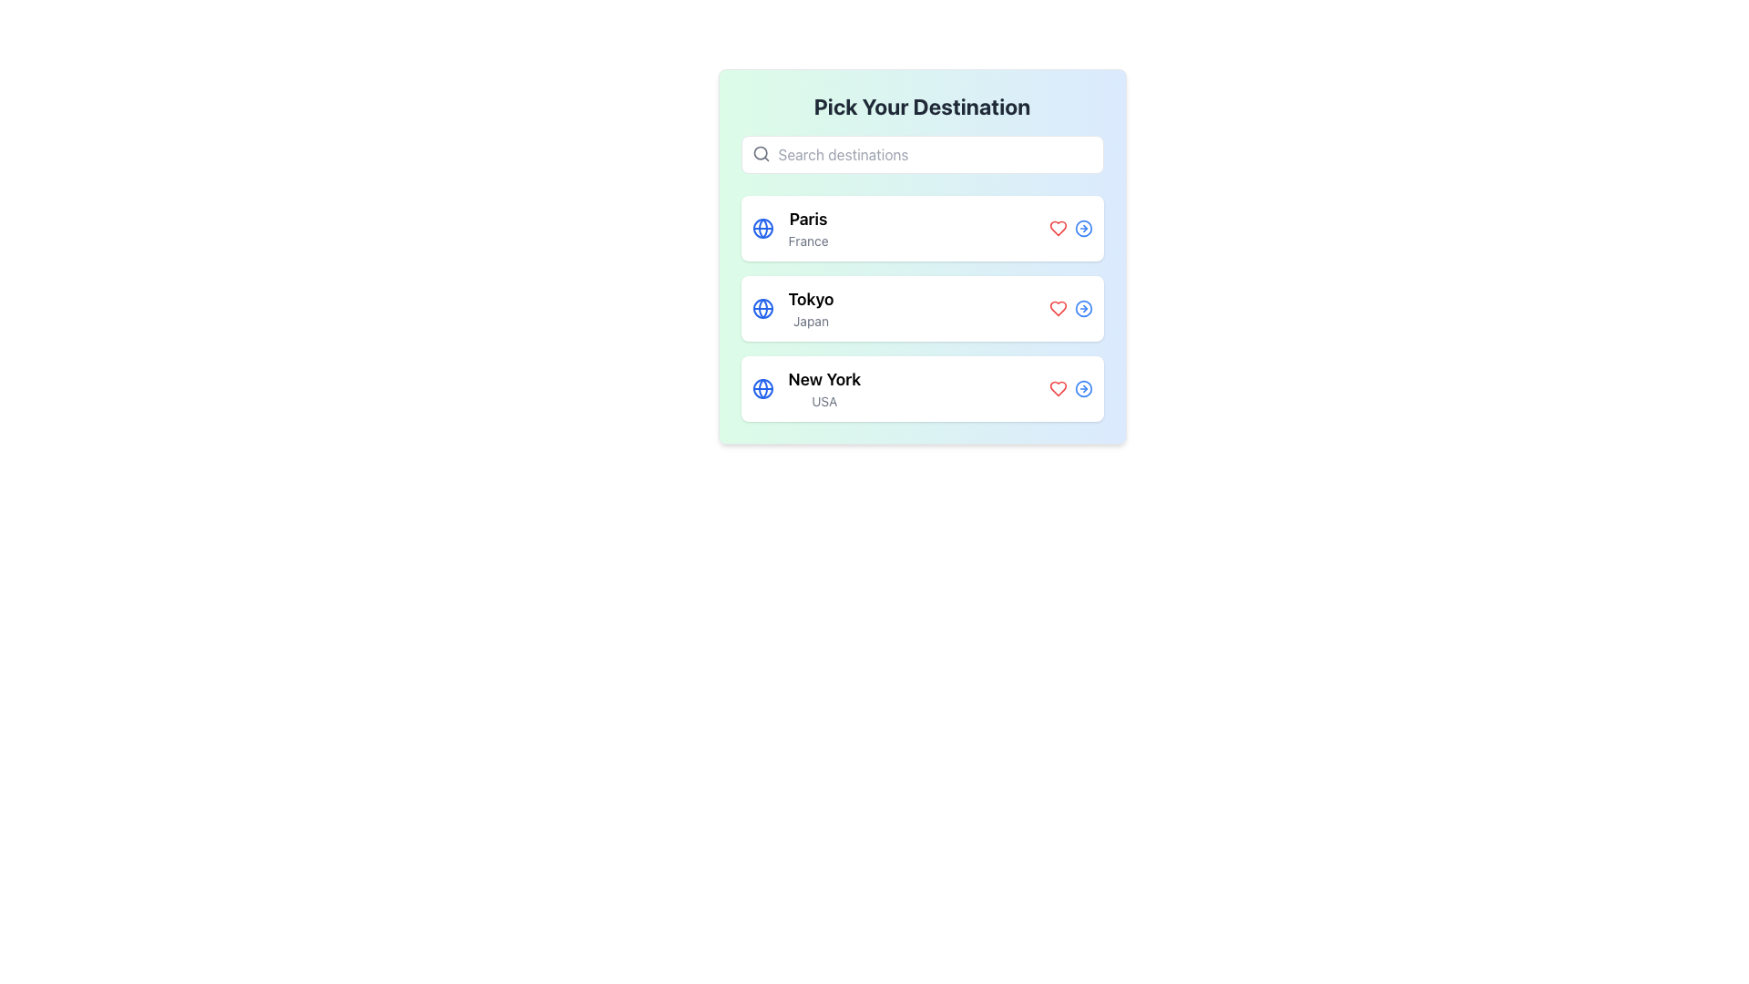 Image resolution: width=1749 pixels, height=984 pixels. I want to click on the text block displaying the location 'Tokyo', so click(793, 308).